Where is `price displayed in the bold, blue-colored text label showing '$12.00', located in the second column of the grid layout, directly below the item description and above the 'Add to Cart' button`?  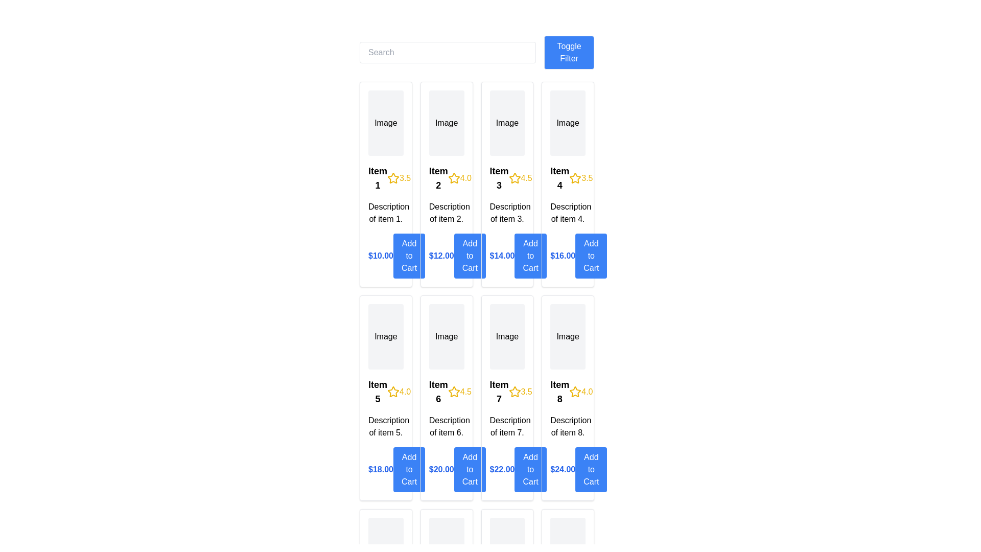
price displayed in the bold, blue-colored text label showing '$12.00', located in the second column of the grid layout, directly below the item description and above the 'Add to Cart' button is located at coordinates (441, 256).